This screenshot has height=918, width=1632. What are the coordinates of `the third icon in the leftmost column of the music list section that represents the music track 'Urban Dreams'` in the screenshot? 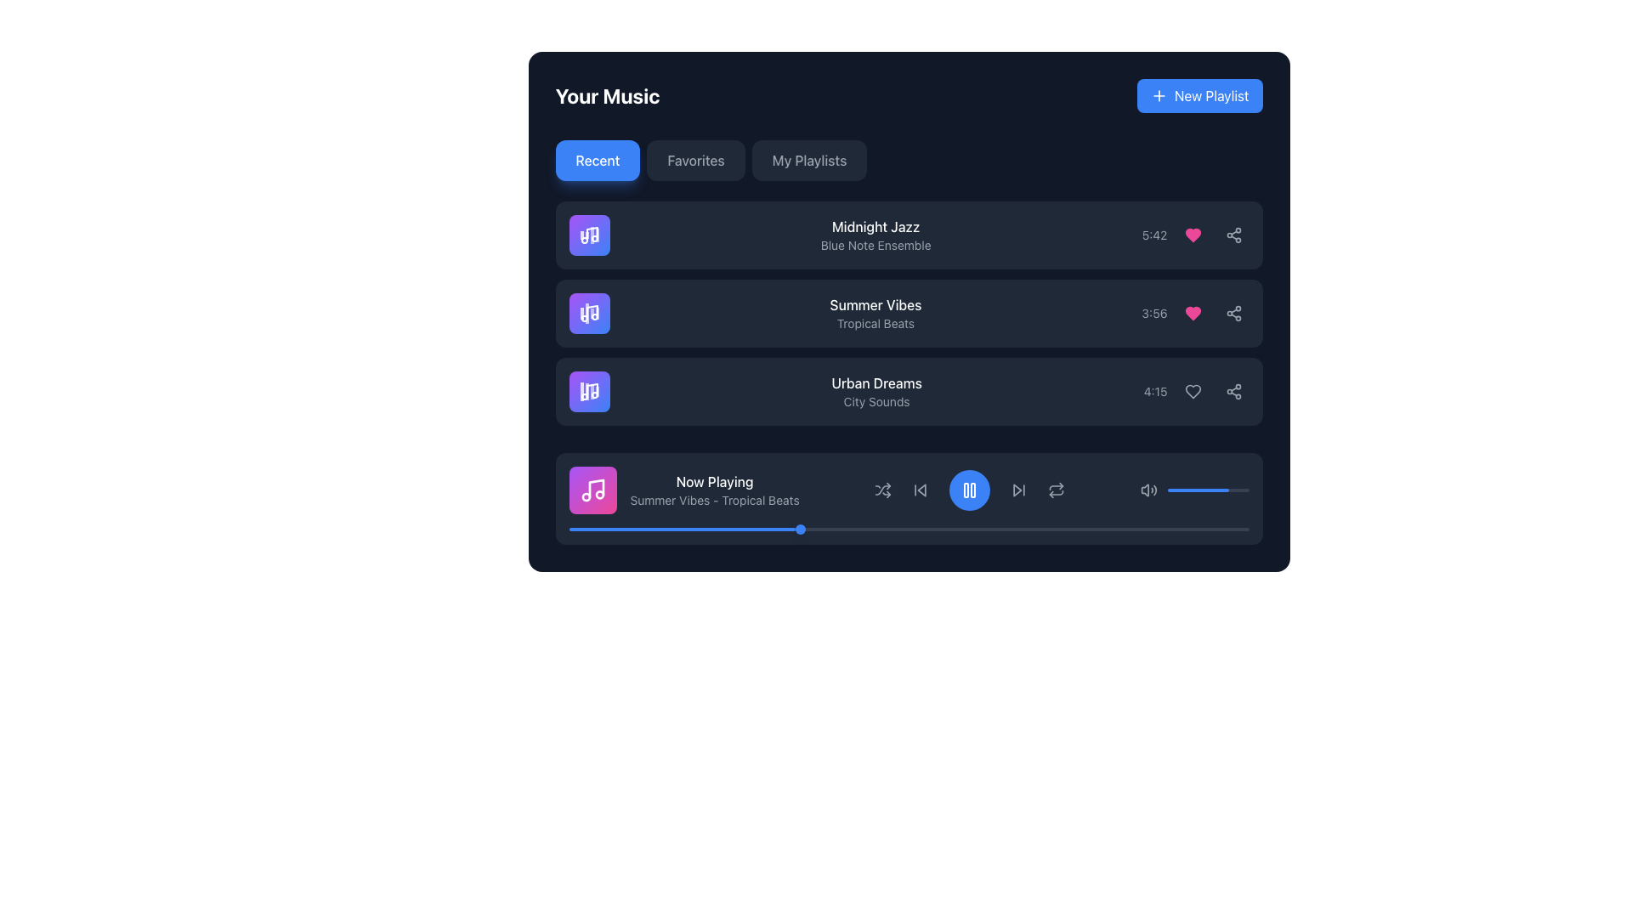 It's located at (589, 392).